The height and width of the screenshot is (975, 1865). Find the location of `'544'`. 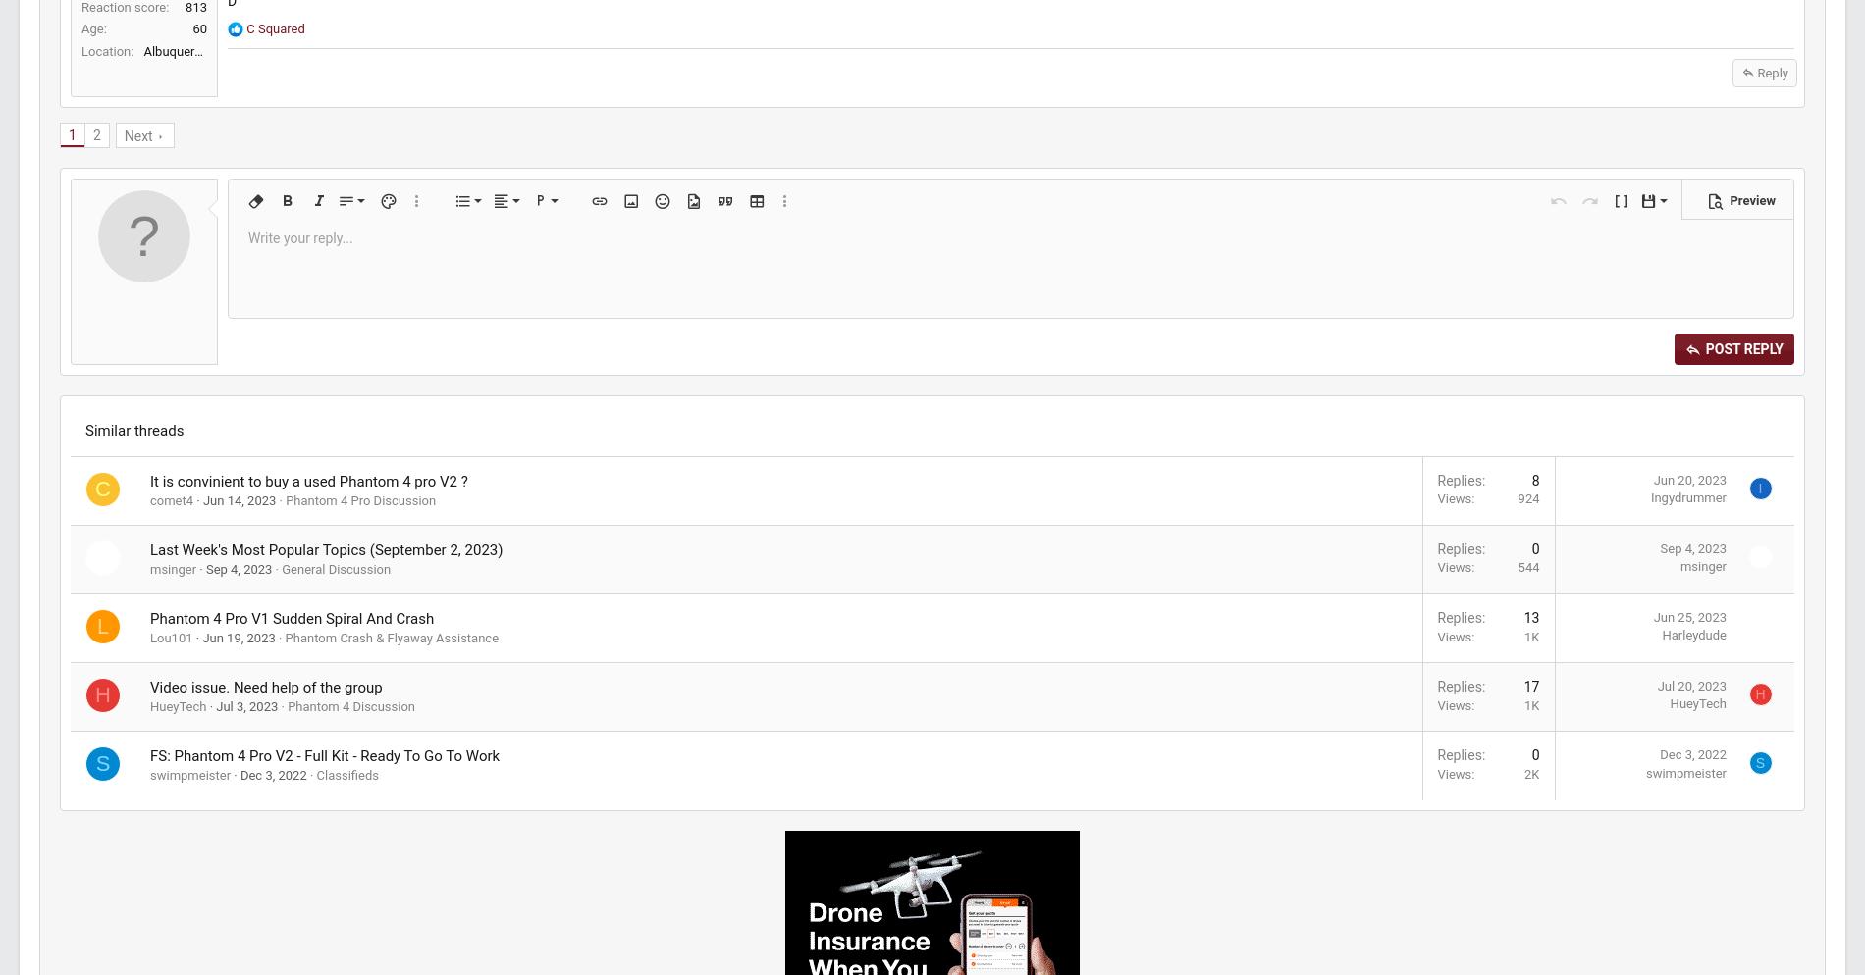

'544' is located at coordinates (1176, 705).